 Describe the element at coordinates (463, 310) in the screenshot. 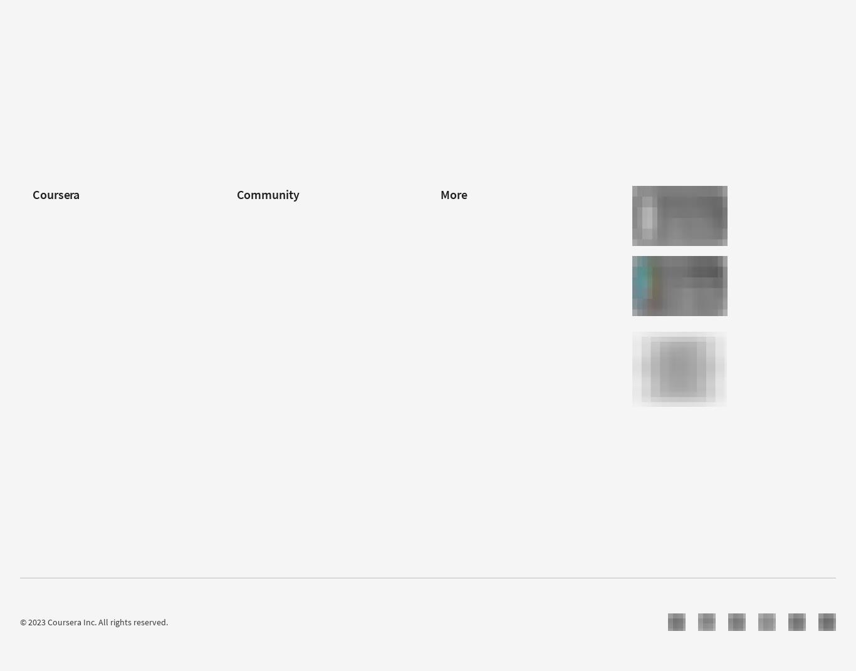

I see `'Accessibility'` at that location.